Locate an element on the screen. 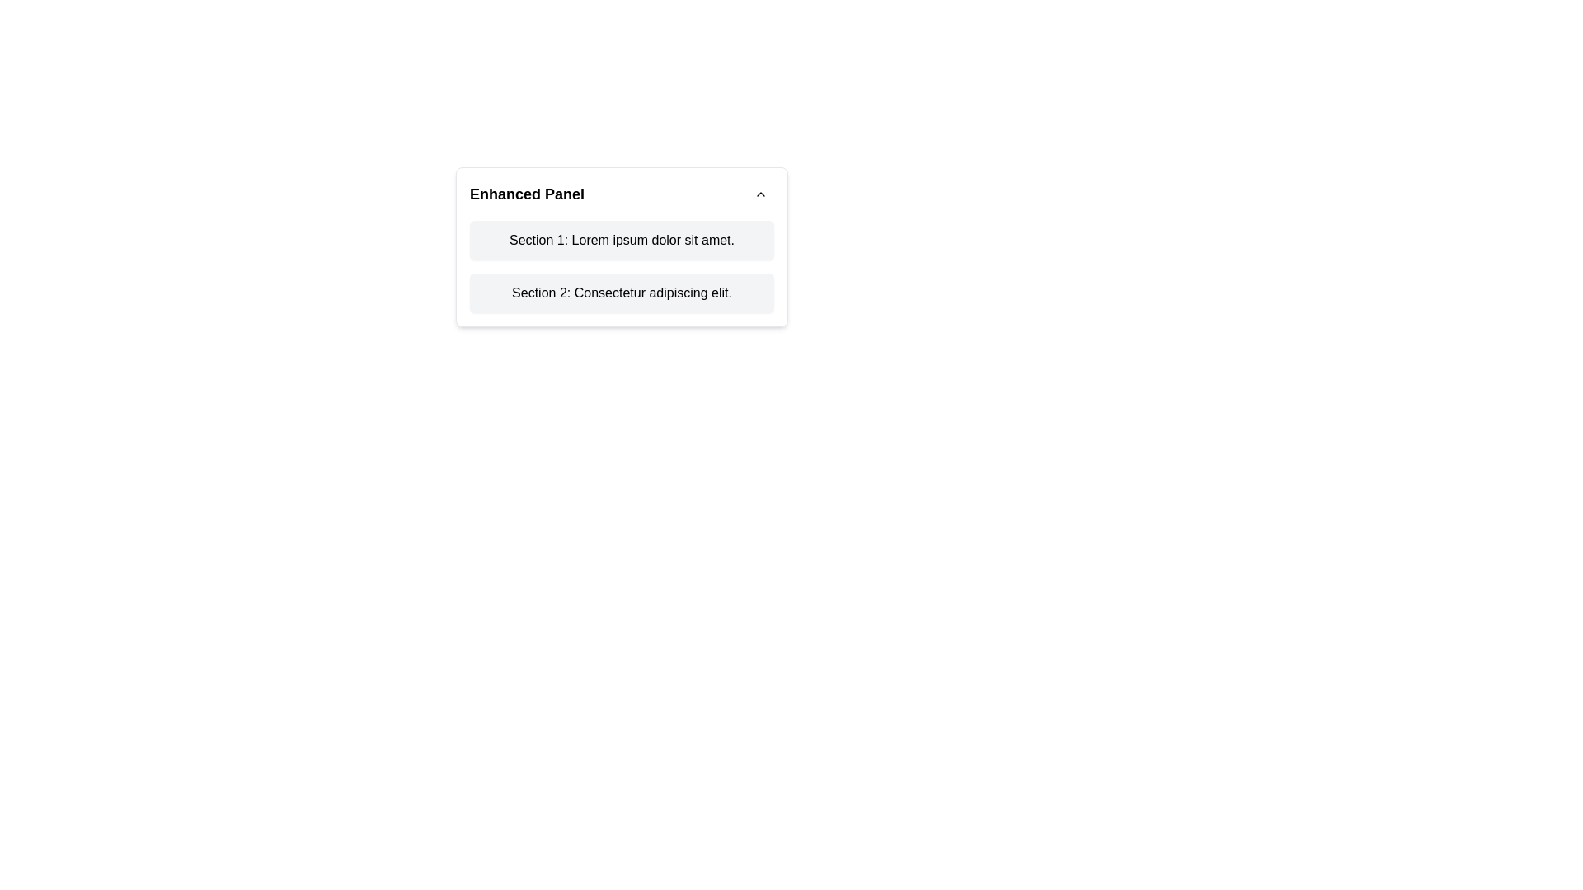  the icon within the button in the top-right corner of the 'Enhanced Panel' is located at coordinates (759, 193).